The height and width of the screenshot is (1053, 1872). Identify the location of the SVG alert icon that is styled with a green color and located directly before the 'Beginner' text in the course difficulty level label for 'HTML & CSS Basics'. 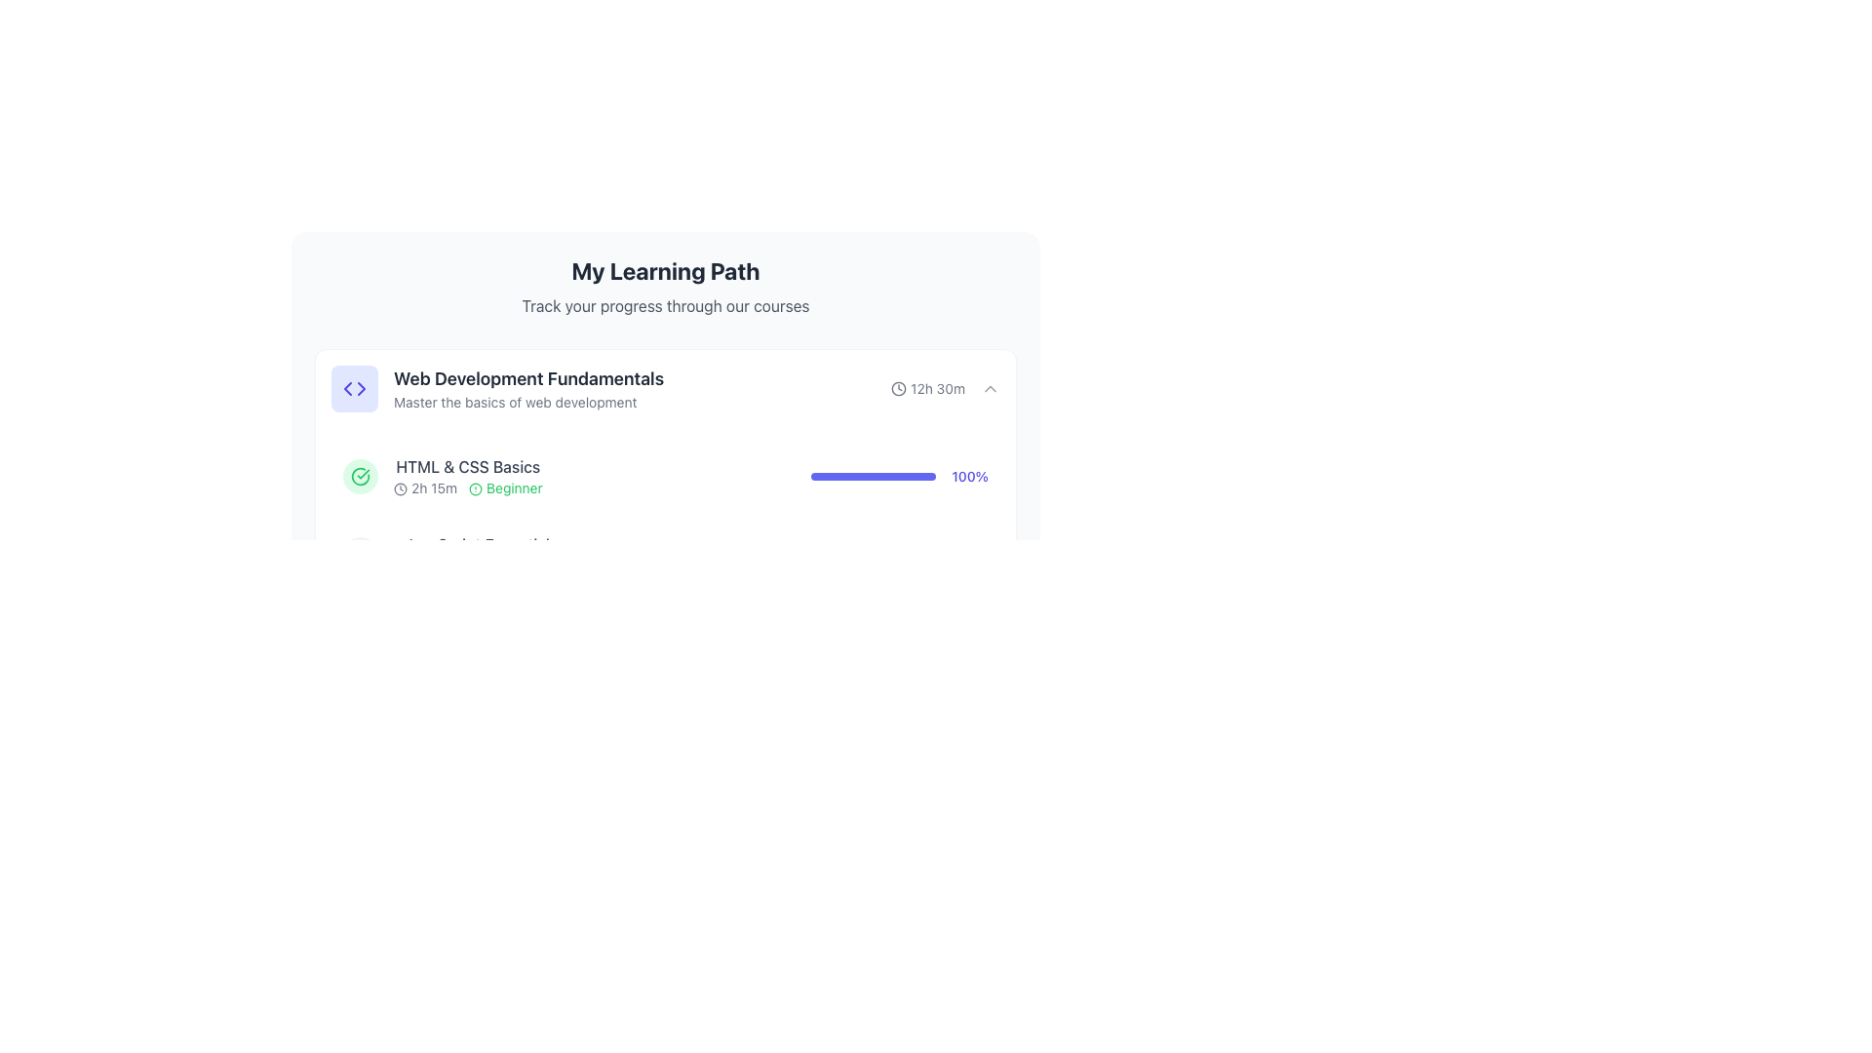
(476, 488).